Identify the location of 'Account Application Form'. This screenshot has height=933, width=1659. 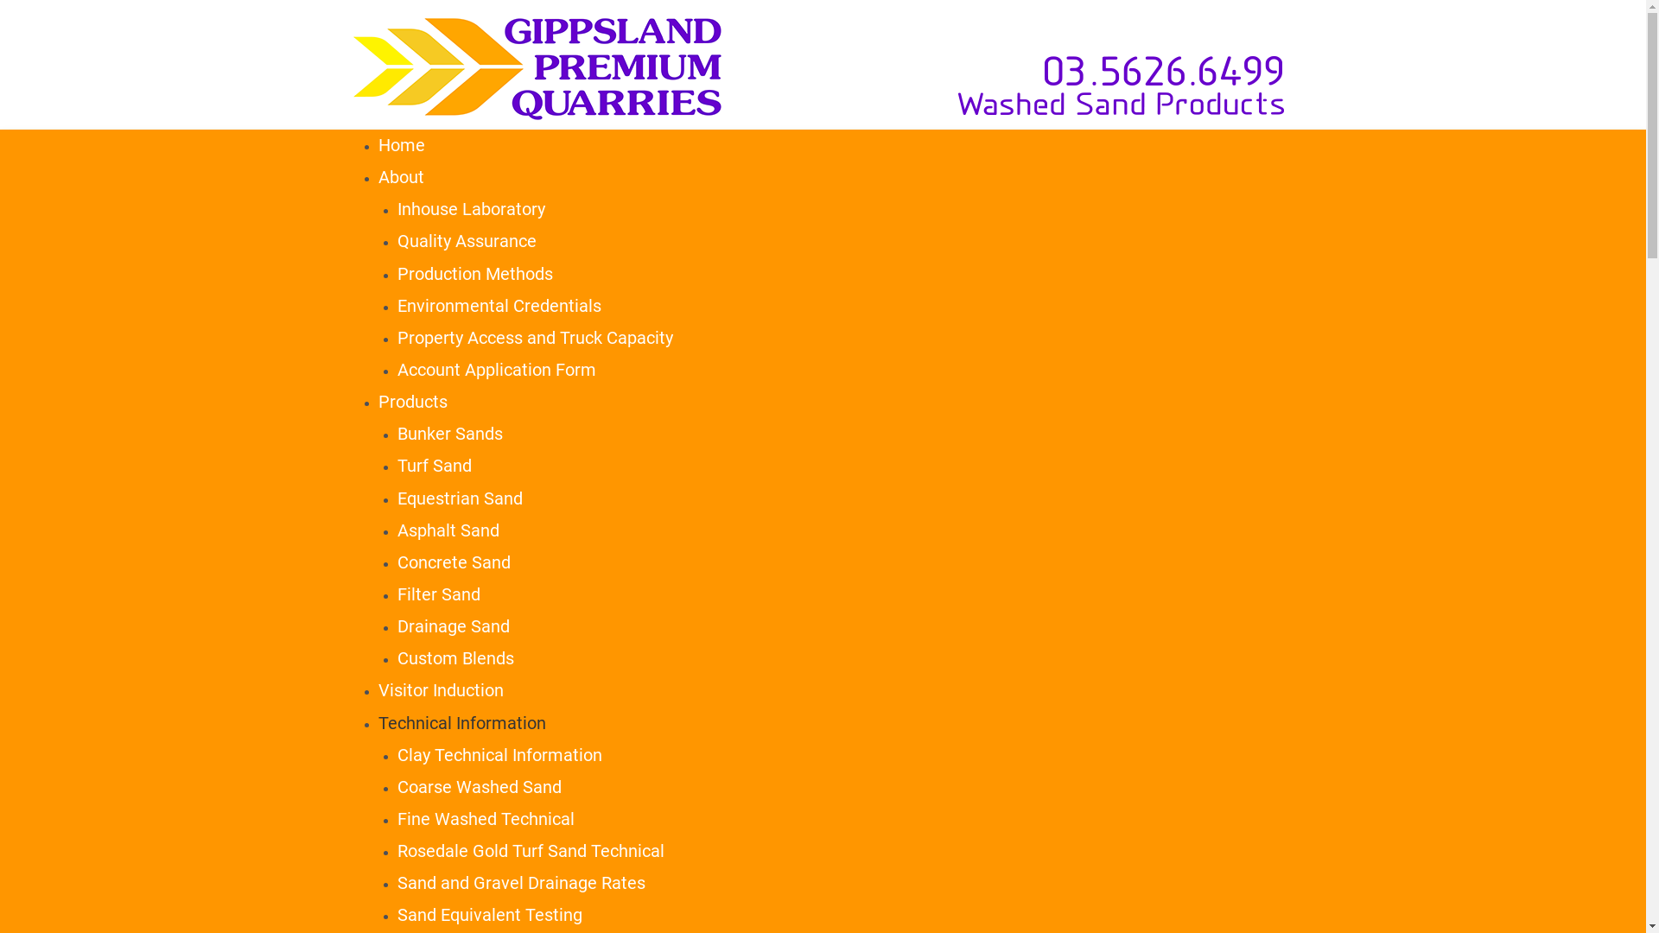
(496, 369).